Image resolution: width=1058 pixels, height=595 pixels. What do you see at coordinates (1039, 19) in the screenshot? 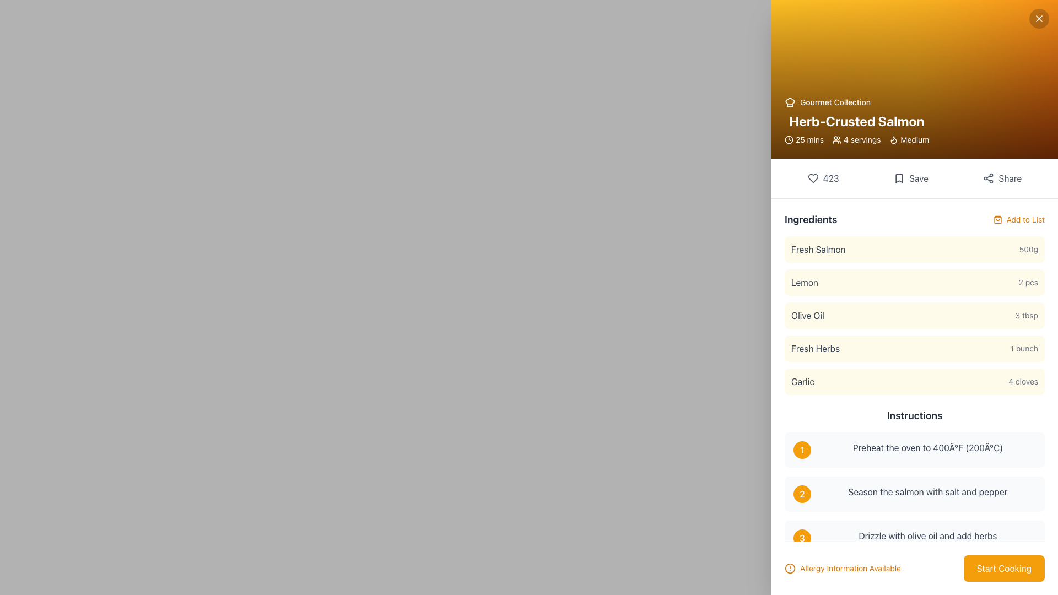
I see `the circular close button with a black transparent background located at the top-right corner of the section featuring an orange gradient design to observe visual changes` at bounding box center [1039, 19].